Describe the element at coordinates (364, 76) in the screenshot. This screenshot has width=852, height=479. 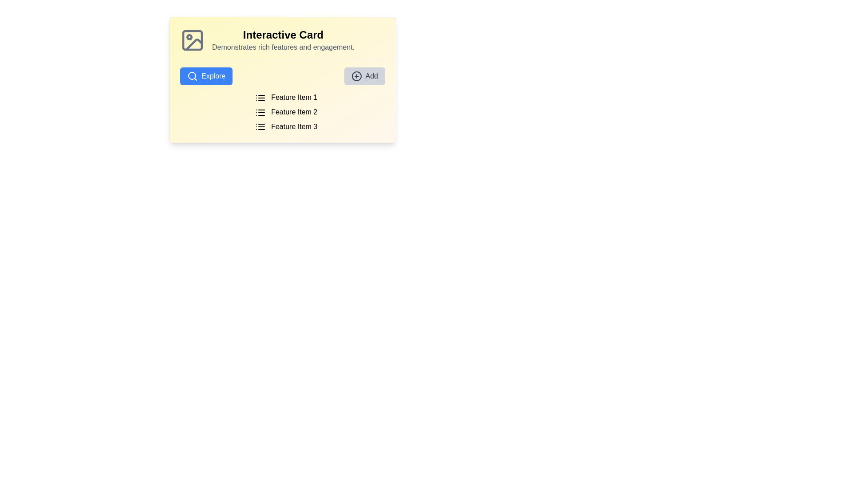
I see `the 'Add' button located to the right of the 'Explore' button in the header section marked 'Interactive Card'` at that location.